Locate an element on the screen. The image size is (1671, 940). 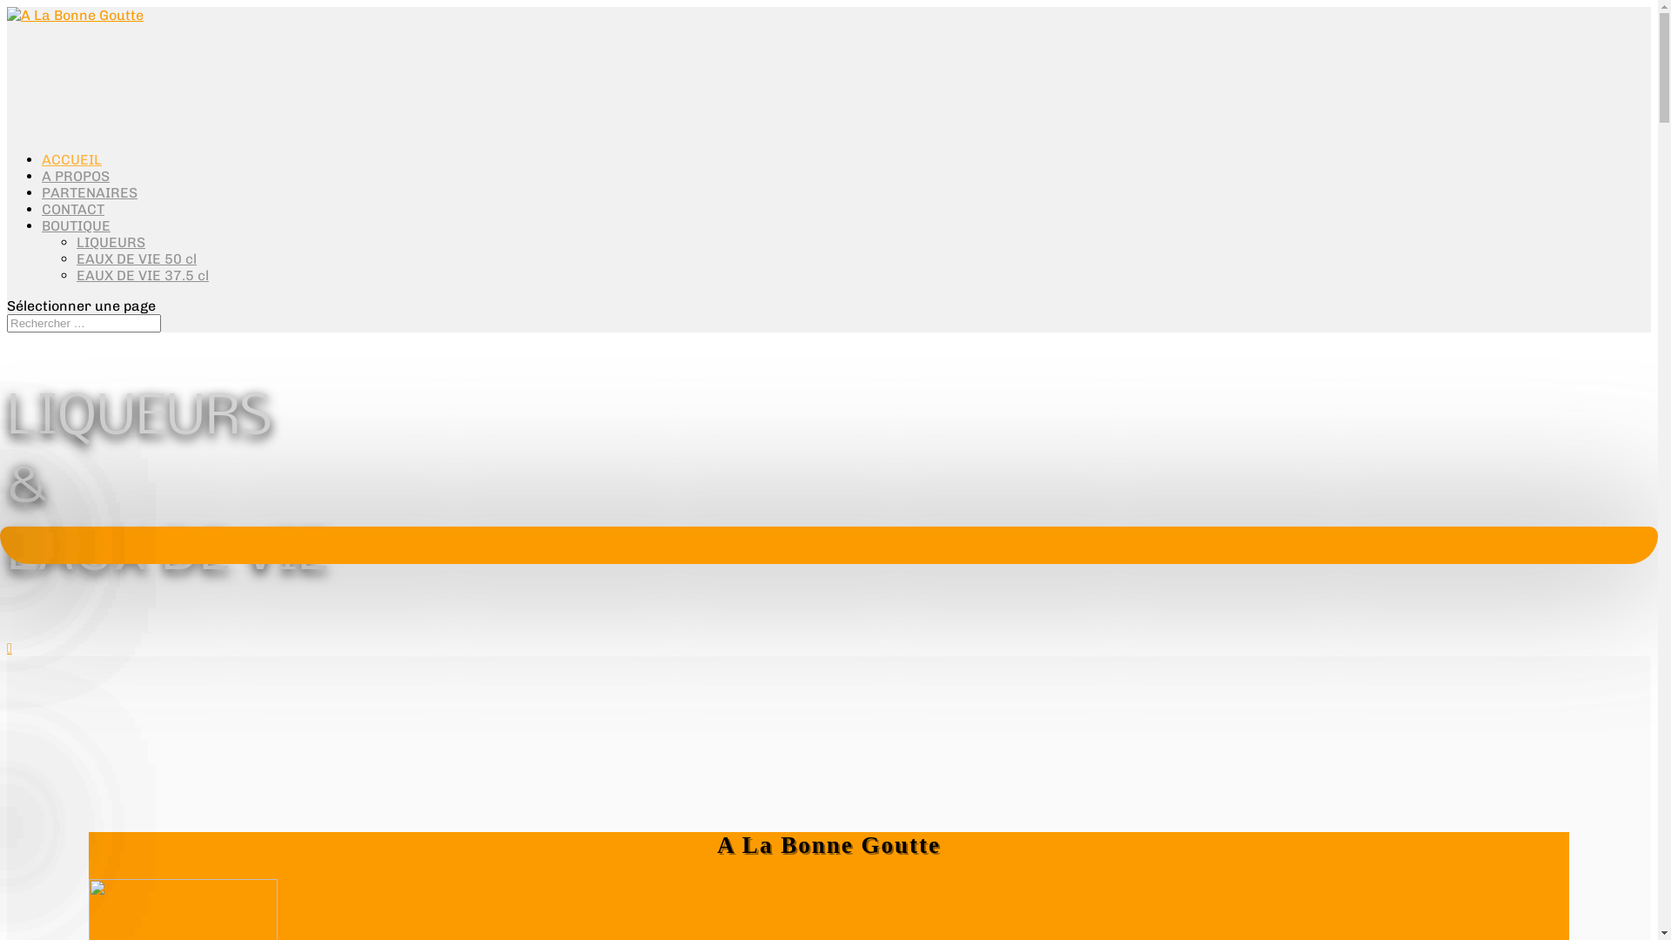
'LIQUEURS' is located at coordinates (75, 242).